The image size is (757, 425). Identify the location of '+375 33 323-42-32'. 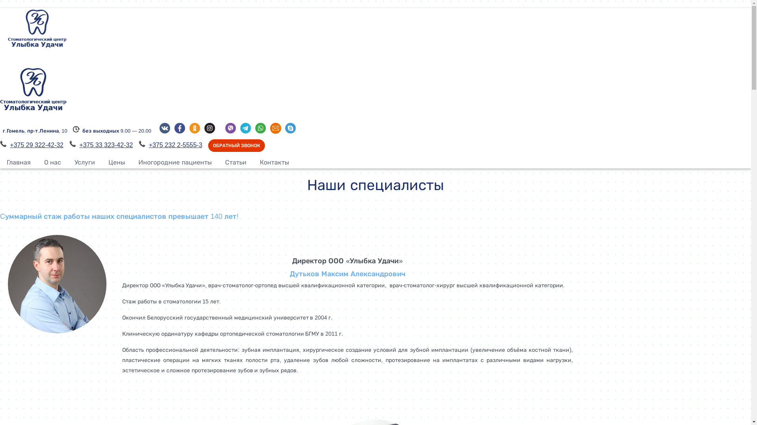
(105, 145).